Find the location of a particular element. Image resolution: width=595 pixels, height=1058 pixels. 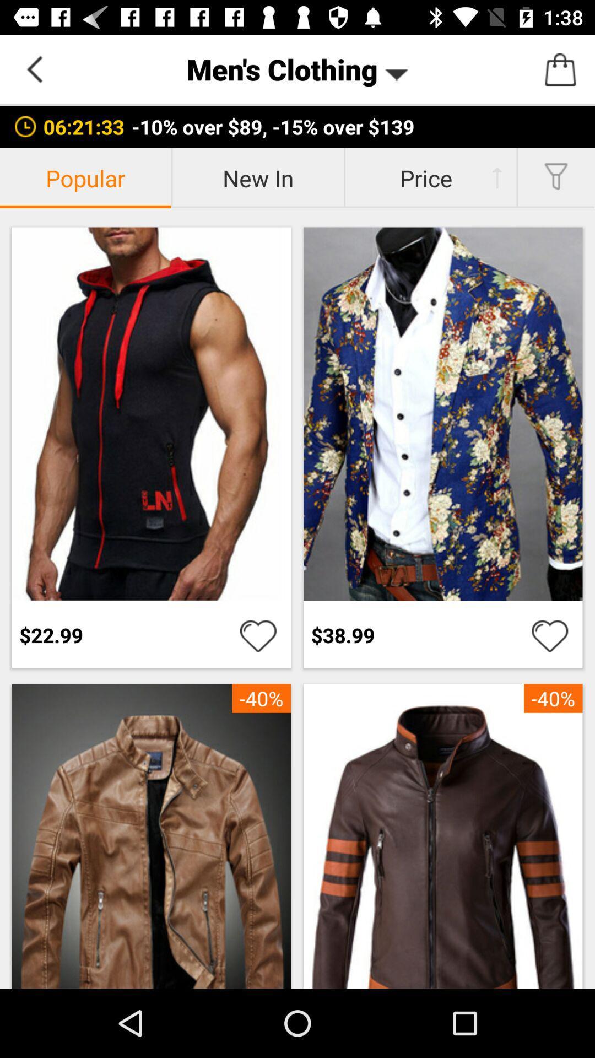

indicate you love this item is located at coordinates (258, 635).